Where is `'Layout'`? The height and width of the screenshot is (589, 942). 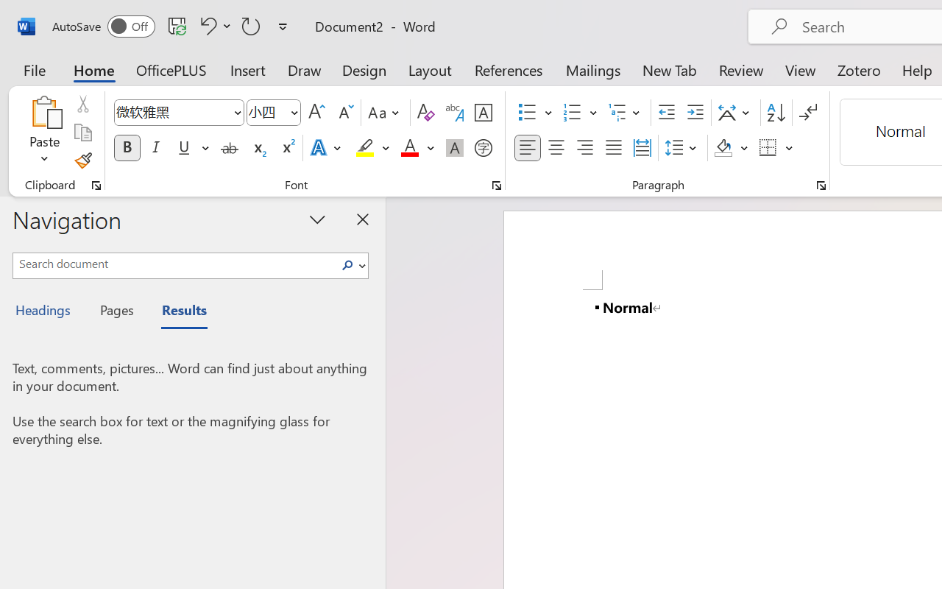
'Layout' is located at coordinates (429, 69).